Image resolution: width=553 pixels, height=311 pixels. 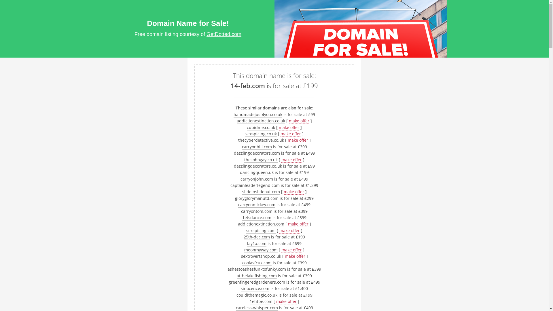 What do you see at coordinates (256, 237) in the screenshot?
I see `'25th-dec.com'` at bounding box center [256, 237].